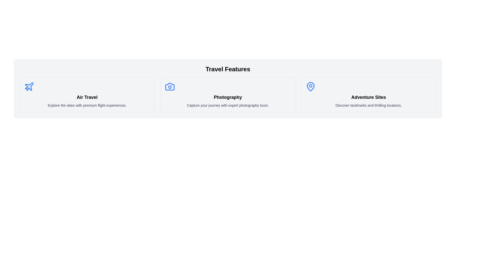 The image size is (487, 273). I want to click on the blue pin-shaped icon with a circular hollow center, which resembles a map location indicator, located within the third card of a row of three cards, so click(310, 86).